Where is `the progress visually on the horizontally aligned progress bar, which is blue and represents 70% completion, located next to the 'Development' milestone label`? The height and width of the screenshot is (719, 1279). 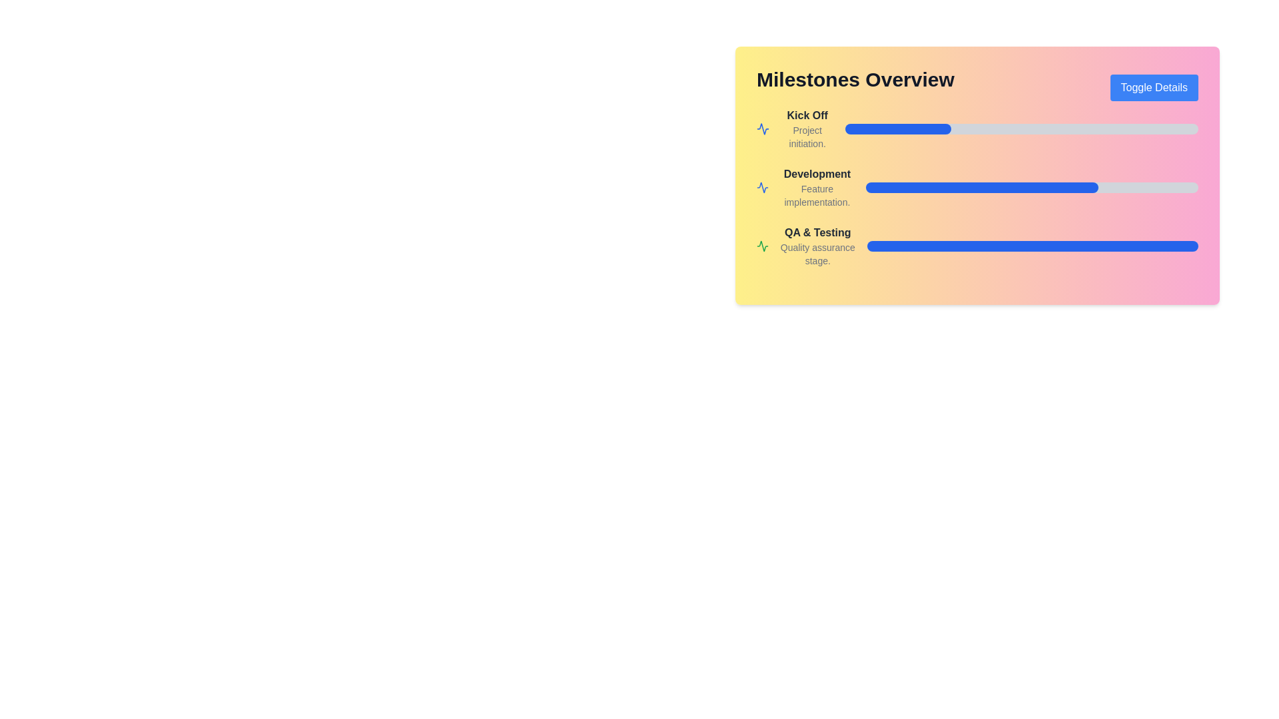 the progress visually on the horizontally aligned progress bar, which is blue and represents 70% completion, located next to the 'Development' milestone label is located at coordinates (1031, 187).